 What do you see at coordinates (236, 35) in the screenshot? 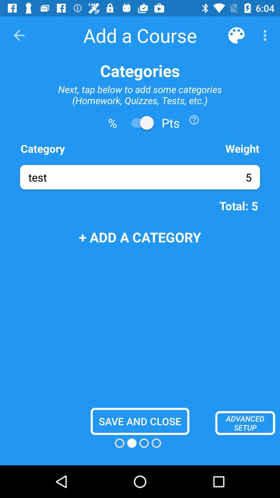
I see `the item above categories item` at bounding box center [236, 35].